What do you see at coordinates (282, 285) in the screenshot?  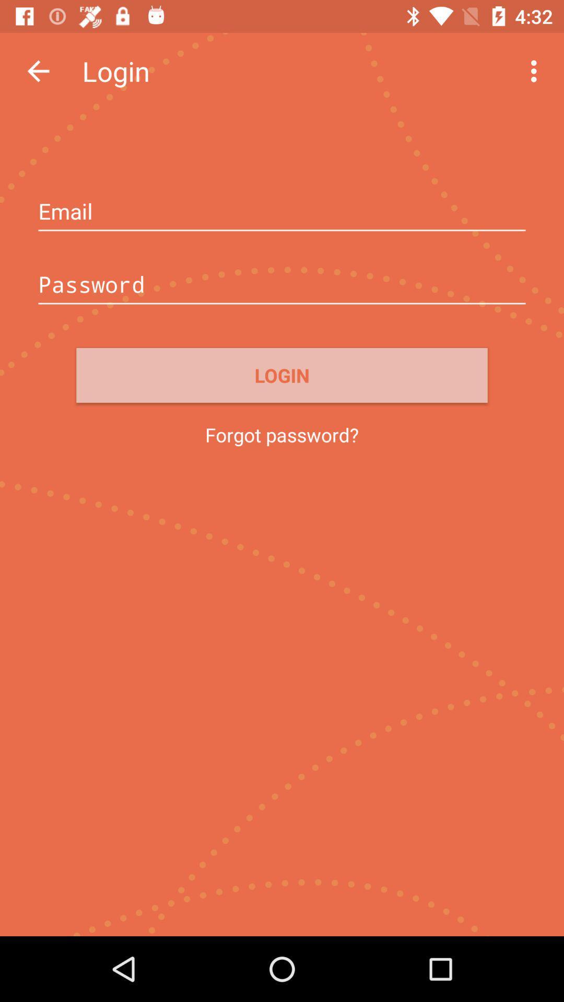 I see `type your password` at bounding box center [282, 285].